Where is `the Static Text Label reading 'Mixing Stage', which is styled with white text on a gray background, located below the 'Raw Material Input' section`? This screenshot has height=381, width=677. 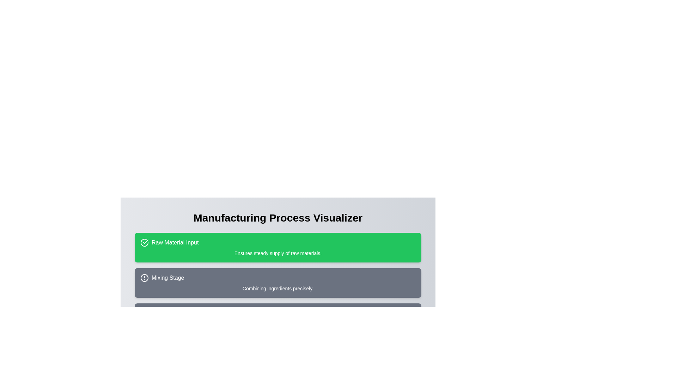 the Static Text Label reading 'Mixing Stage', which is styled with white text on a gray background, located below the 'Raw Material Input' section is located at coordinates (167, 277).